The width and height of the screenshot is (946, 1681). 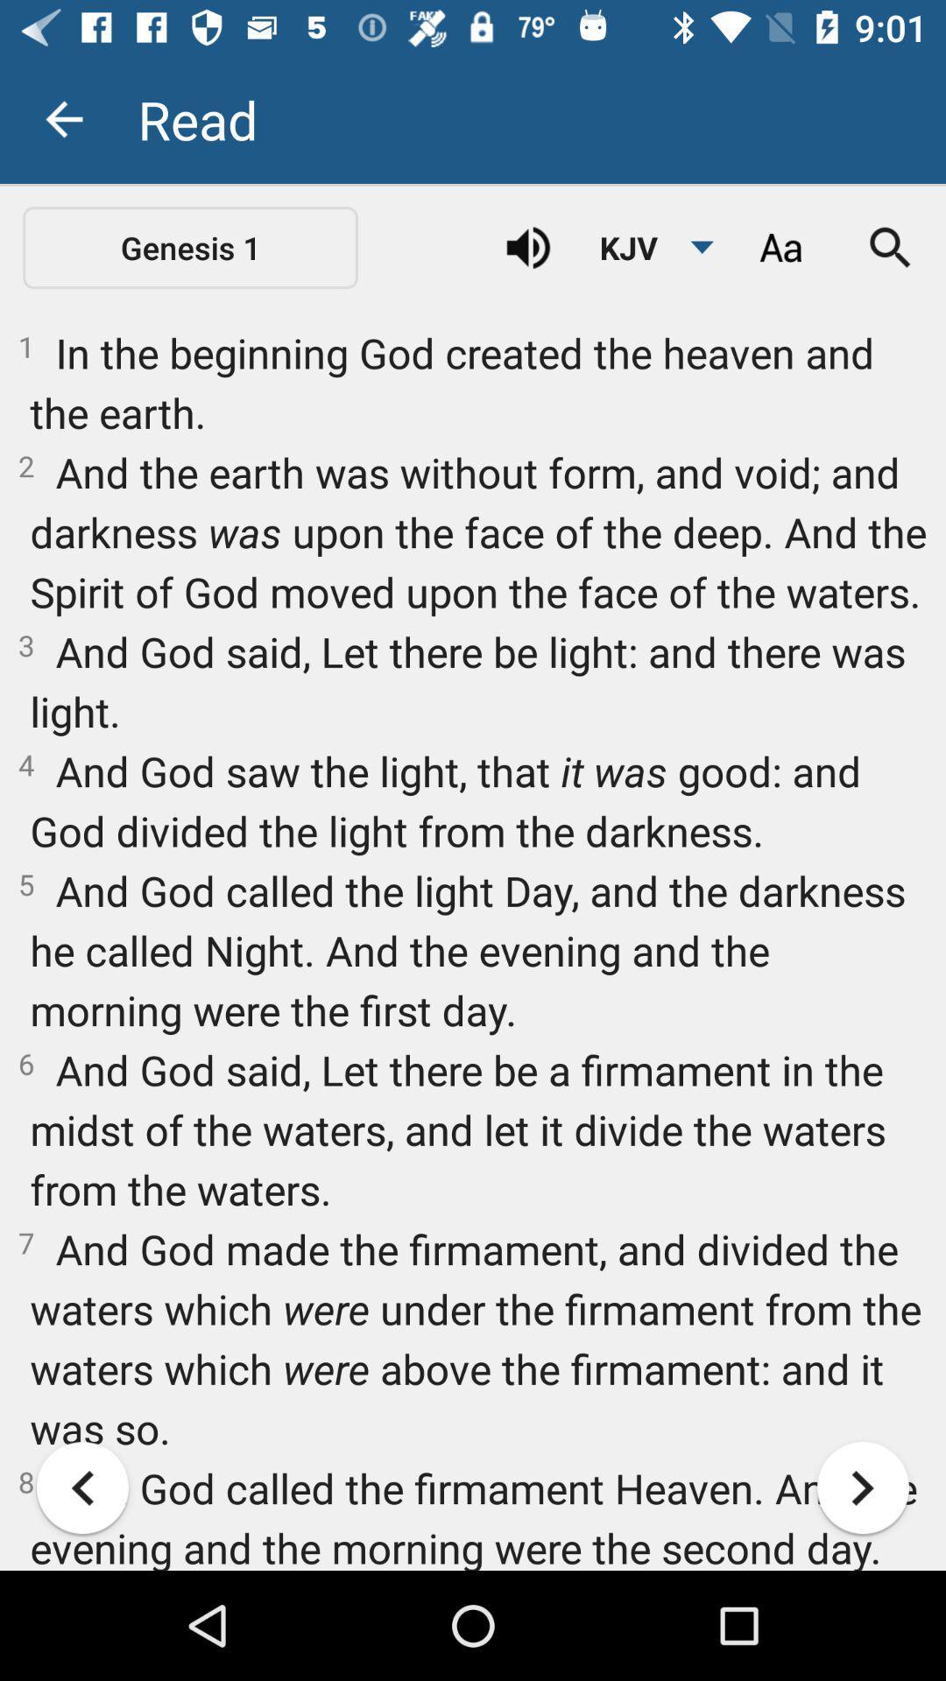 What do you see at coordinates (527, 247) in the screenshot?
I see `icon above 1 in the icon` at bounding box center [527, 247].